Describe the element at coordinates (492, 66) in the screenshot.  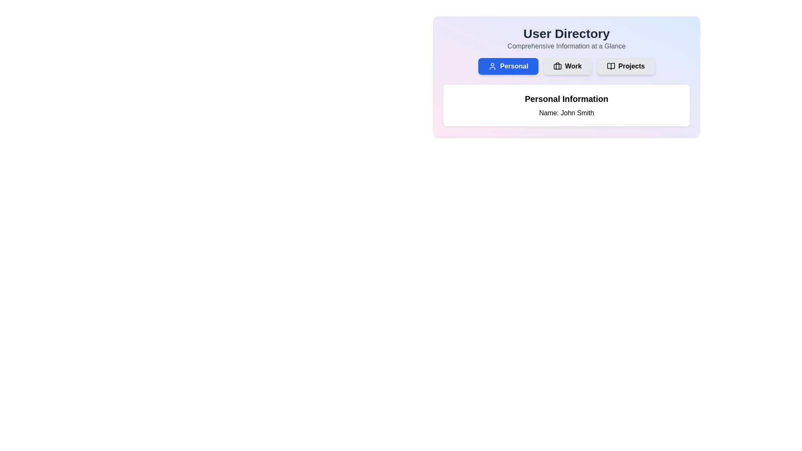
I see `the 'Personal' button using tab navigation` at that location.